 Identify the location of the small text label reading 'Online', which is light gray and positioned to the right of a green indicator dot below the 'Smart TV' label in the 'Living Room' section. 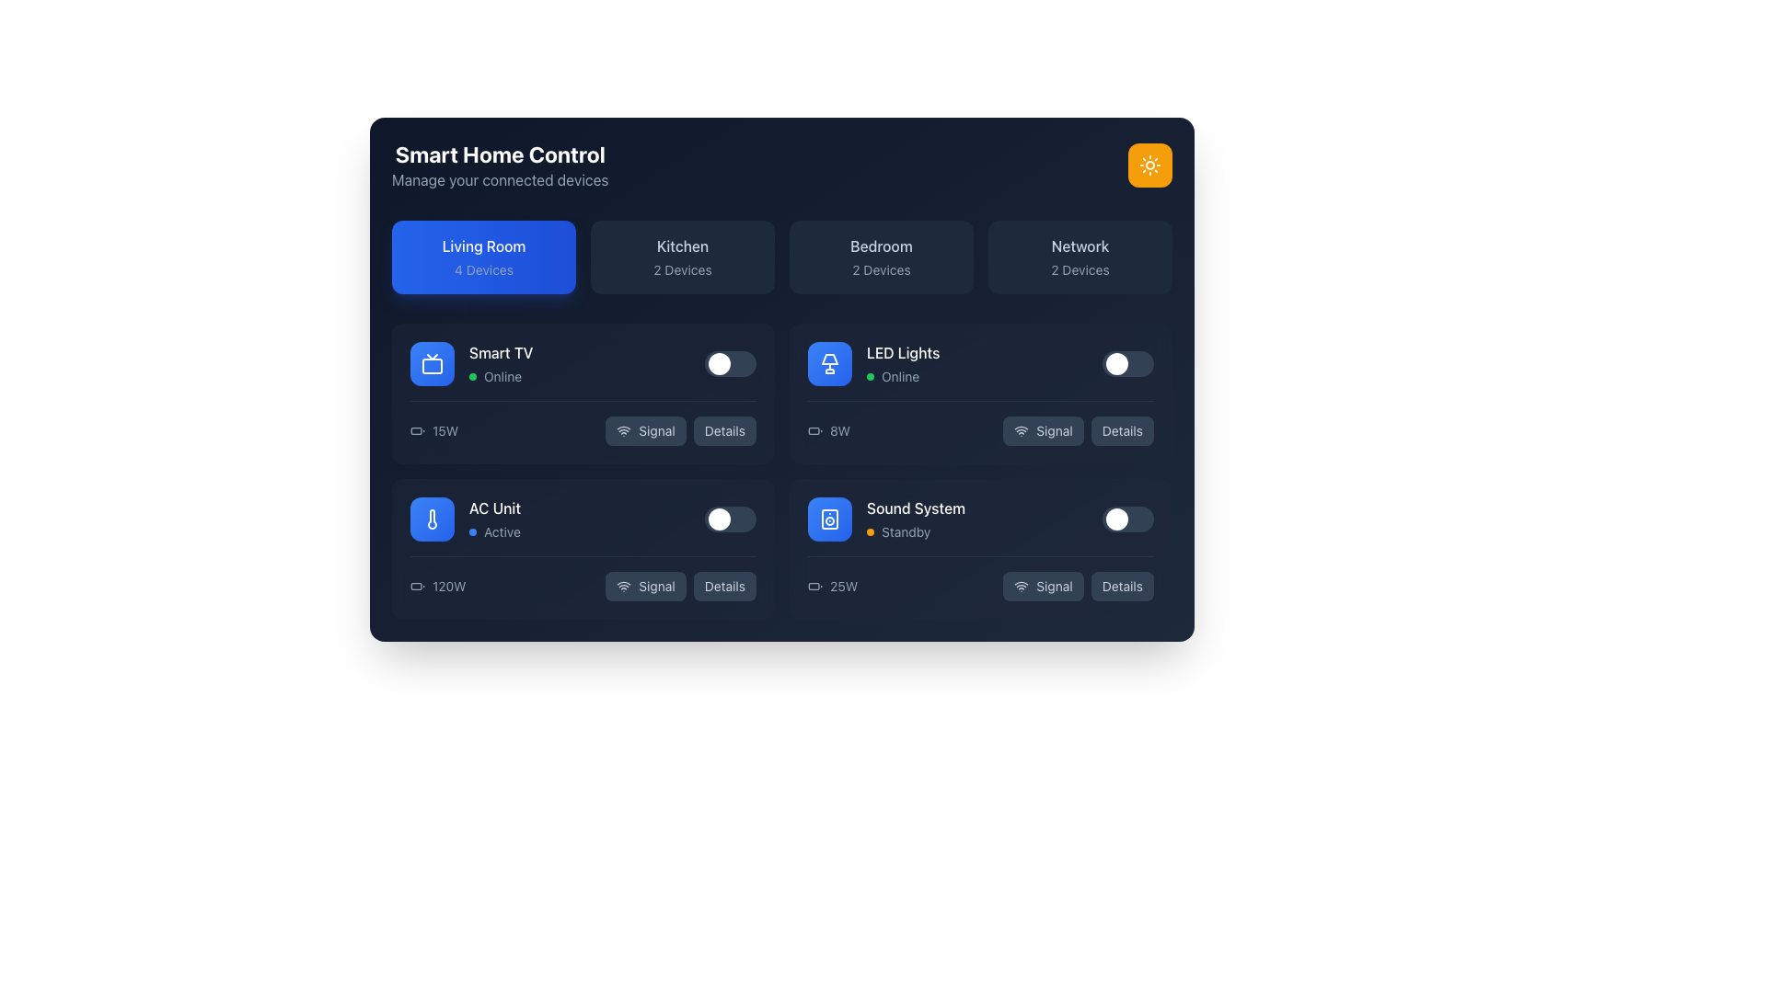
(502, 375).